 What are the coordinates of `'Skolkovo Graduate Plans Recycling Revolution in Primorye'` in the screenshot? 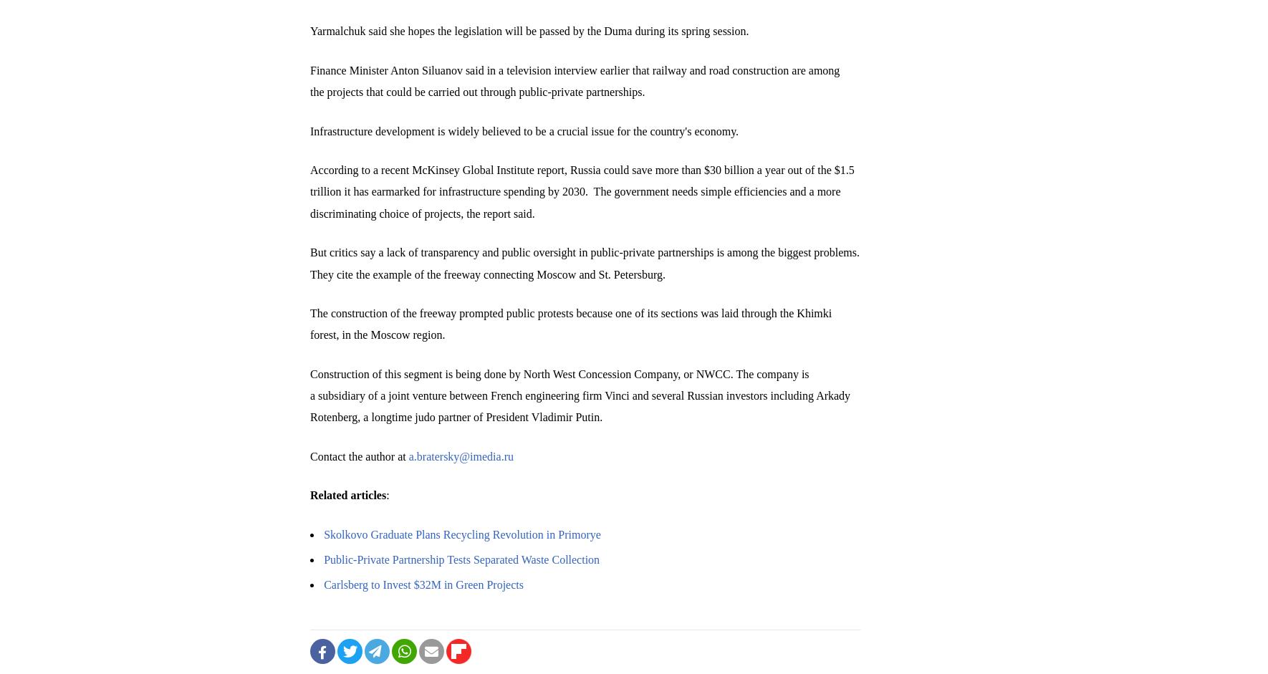 It's located at (324, 533).